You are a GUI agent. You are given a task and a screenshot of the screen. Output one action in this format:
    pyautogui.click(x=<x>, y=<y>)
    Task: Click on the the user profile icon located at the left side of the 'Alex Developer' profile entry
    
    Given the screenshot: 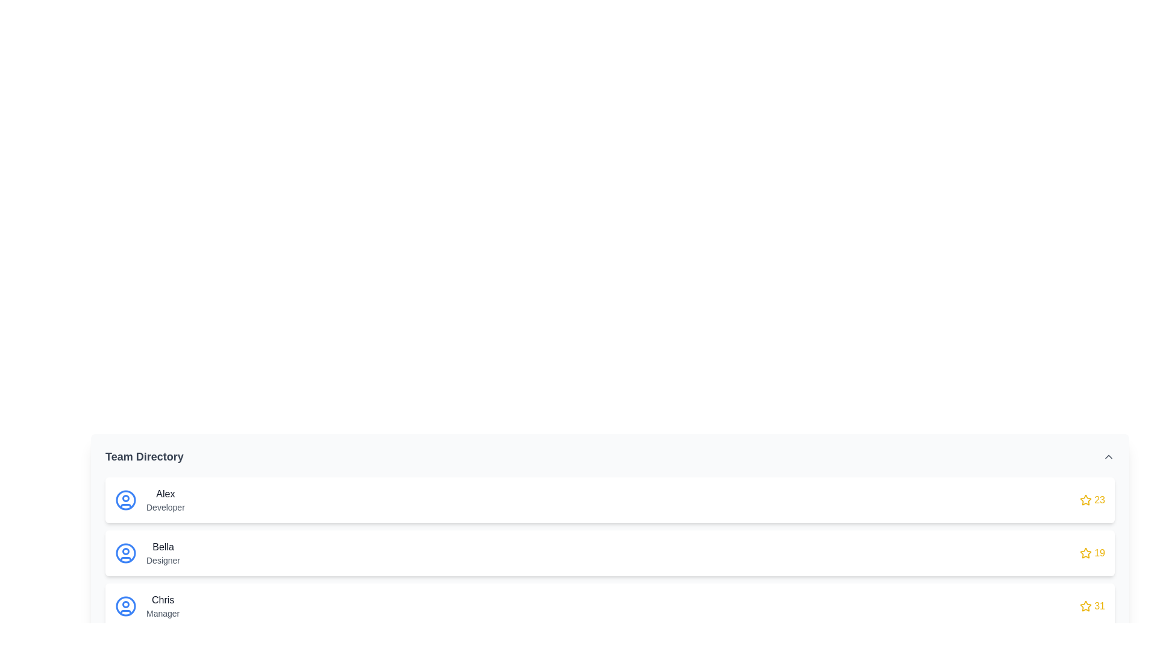 What is the action you would take?
    pyautogui.click(x=126, y=500)
    